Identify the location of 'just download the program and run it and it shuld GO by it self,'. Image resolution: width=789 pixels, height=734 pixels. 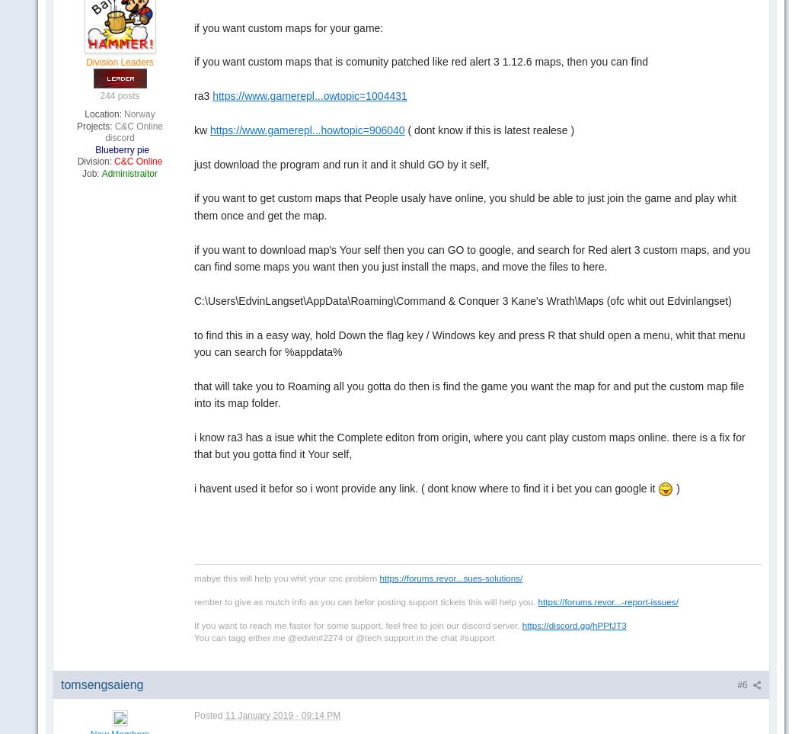
(341, 163).